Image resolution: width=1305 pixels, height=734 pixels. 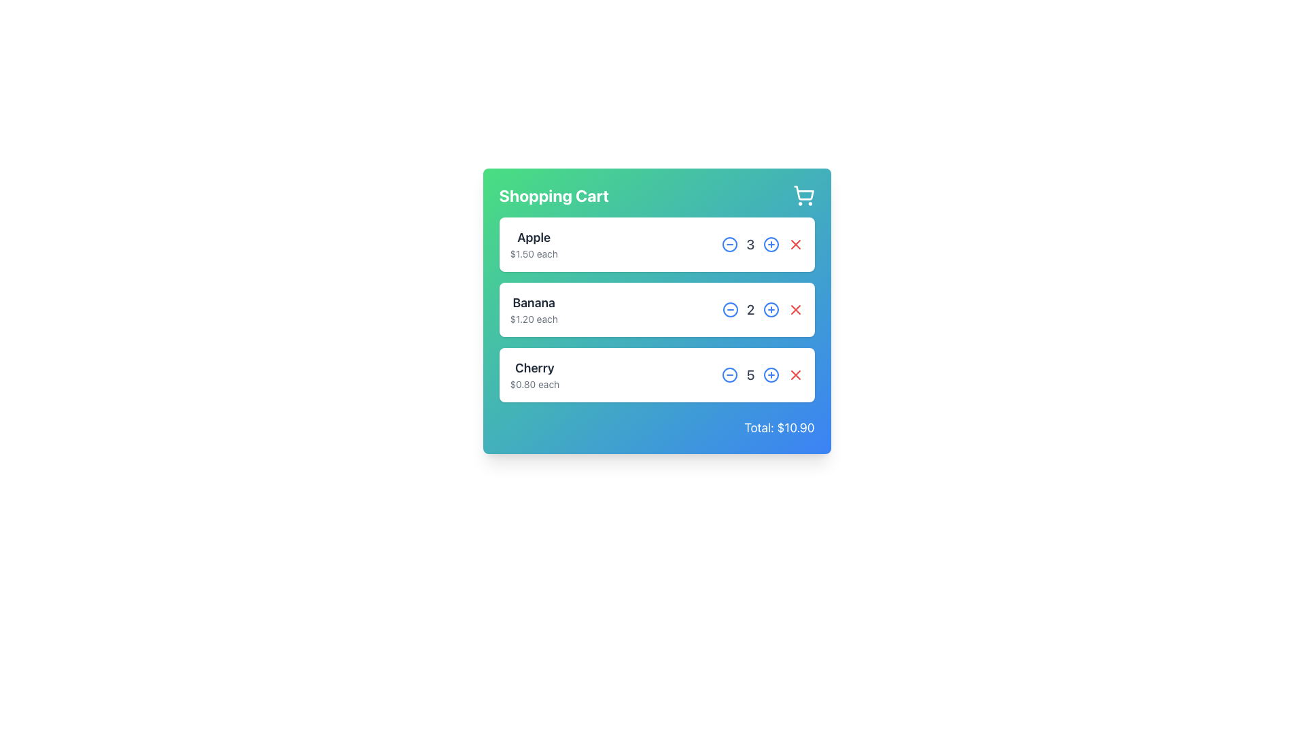 What do you see at coordinates (771, 243) in the screenshot?
I see `the plus sign icon, which is a circular boundary element located to the right of the quantity value for 'Apple' items in the shopping cart, to increase the quantity of 'Apple' items` at bounding box center [771, 243].